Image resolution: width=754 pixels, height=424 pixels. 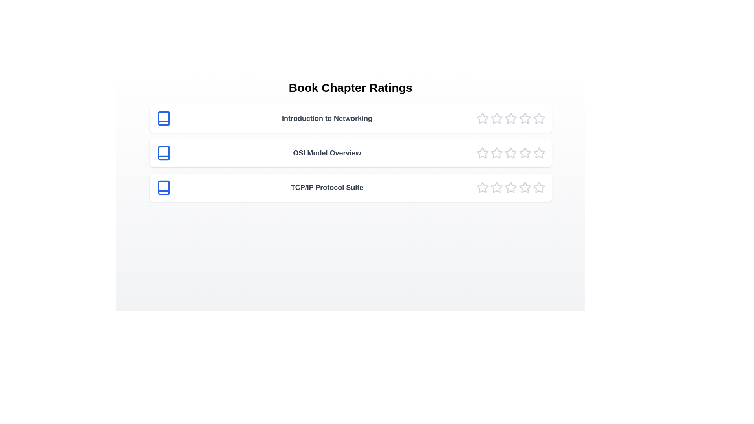 I want to click on the chapter icon for Introduction to Networking to inspect it, so click(x=163, y=118).